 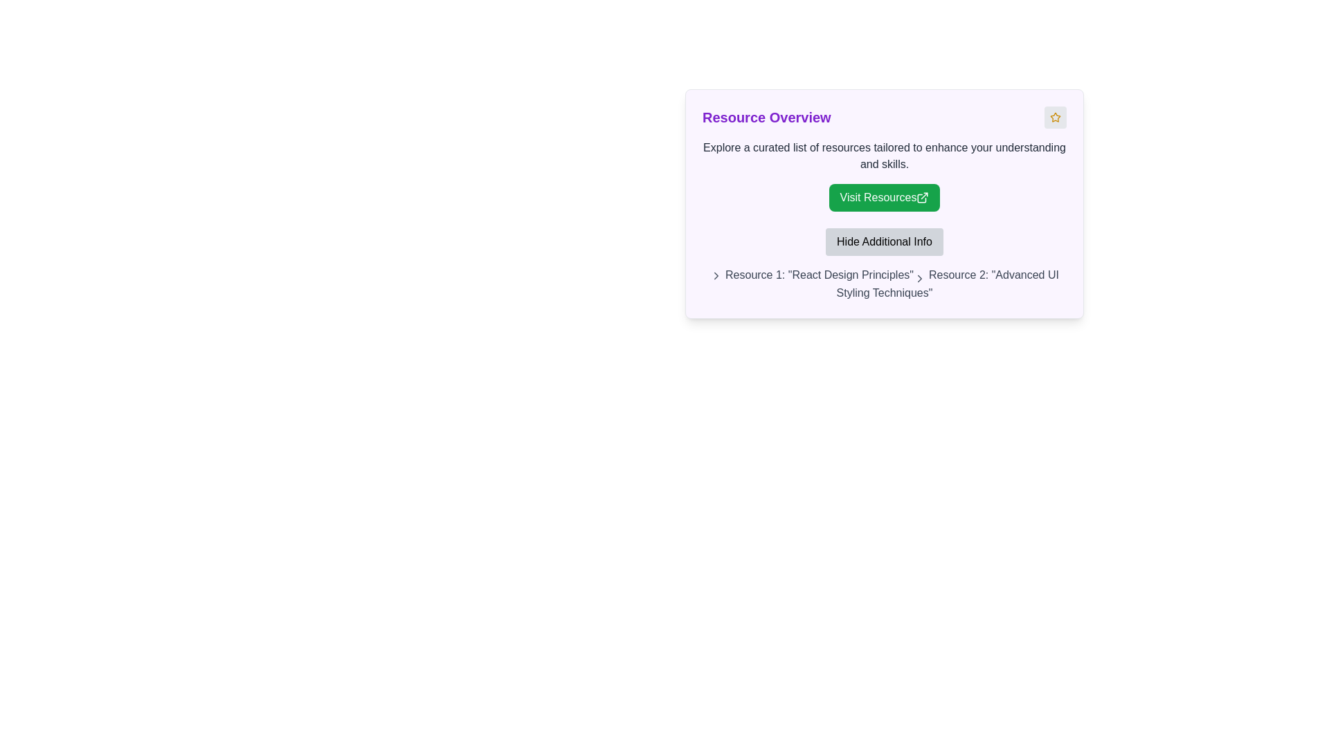 What do you see at coordinates (883, 264) in the screenshot?
I see `the button at the top of the 'Resource Overview' section to hide the additional information` at bounding box center [883, 264].